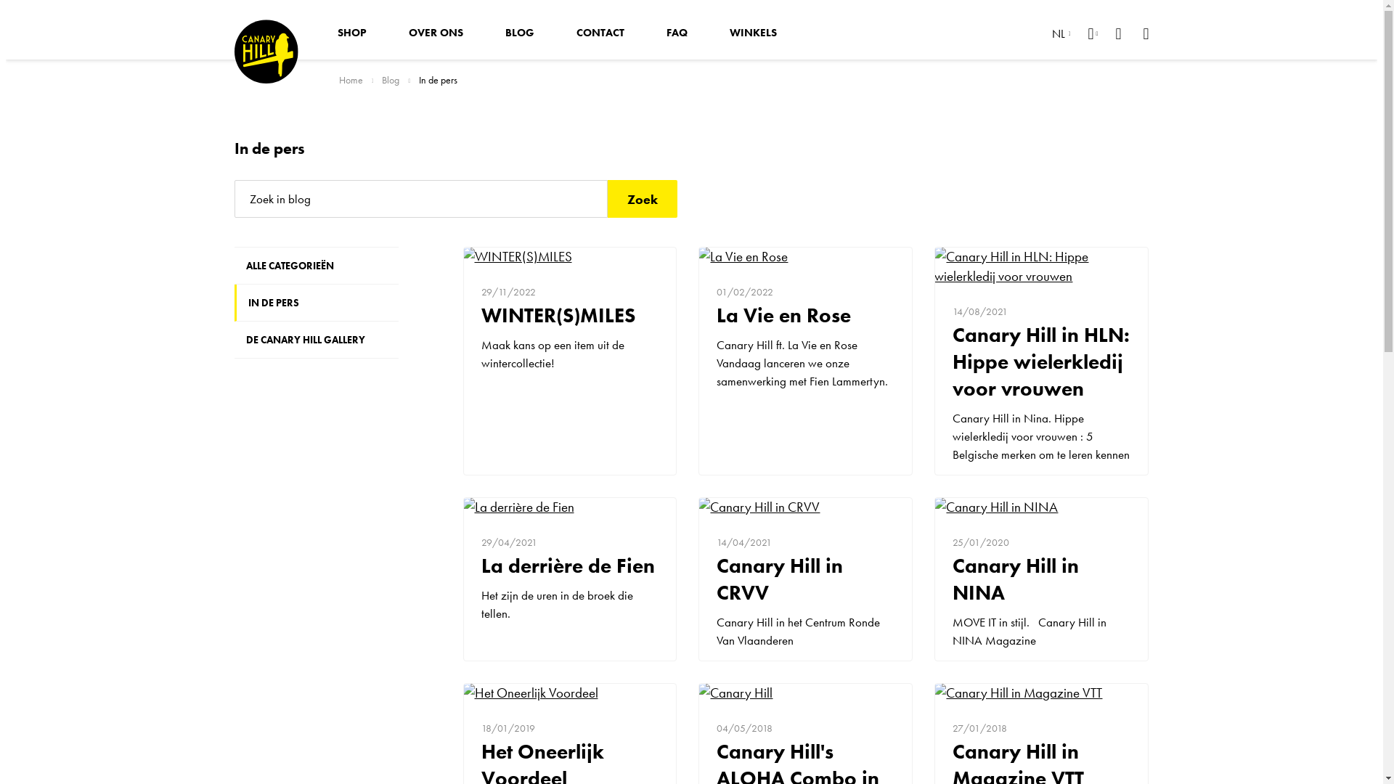 Image resolution: width=1394 pixels, height=784 pixels. What do you see at coordinates (599, 33) in the screenshot?
I see `'CONTACT'` at bounding box center [599, 33].